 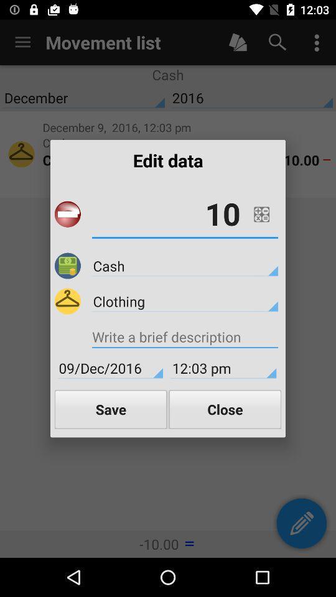 I want to click on clothing, so click(x=184, y=300).